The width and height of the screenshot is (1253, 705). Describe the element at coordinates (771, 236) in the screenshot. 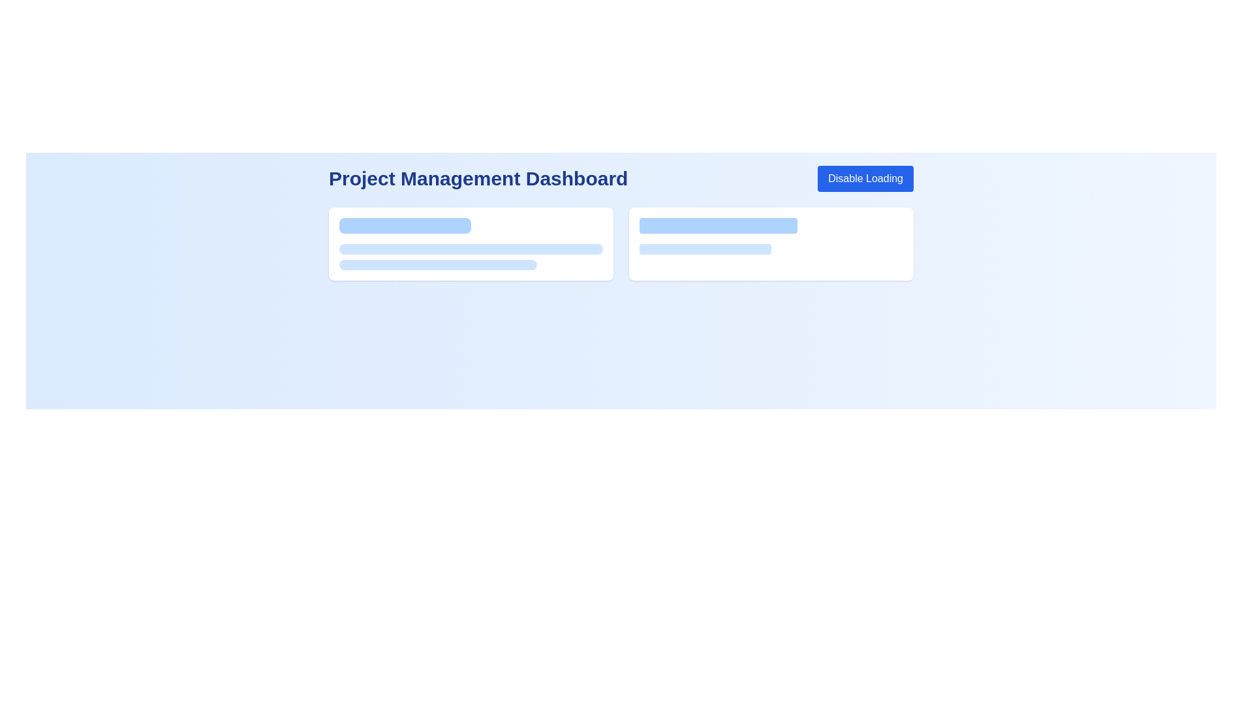

I see `the Loading placeholder, which consists of two vertically stacked horizontal rectangles with rounded corners, the top being darker blue and taller than the bottom one, located in the rightmost card in the middle of the interface` at that location.